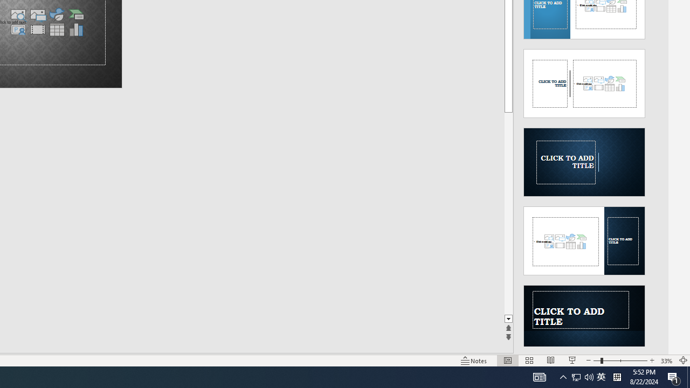  Describe the element at coordinates (529, 361) in the screenshot. I see `'Slide Sorter'` at that location.